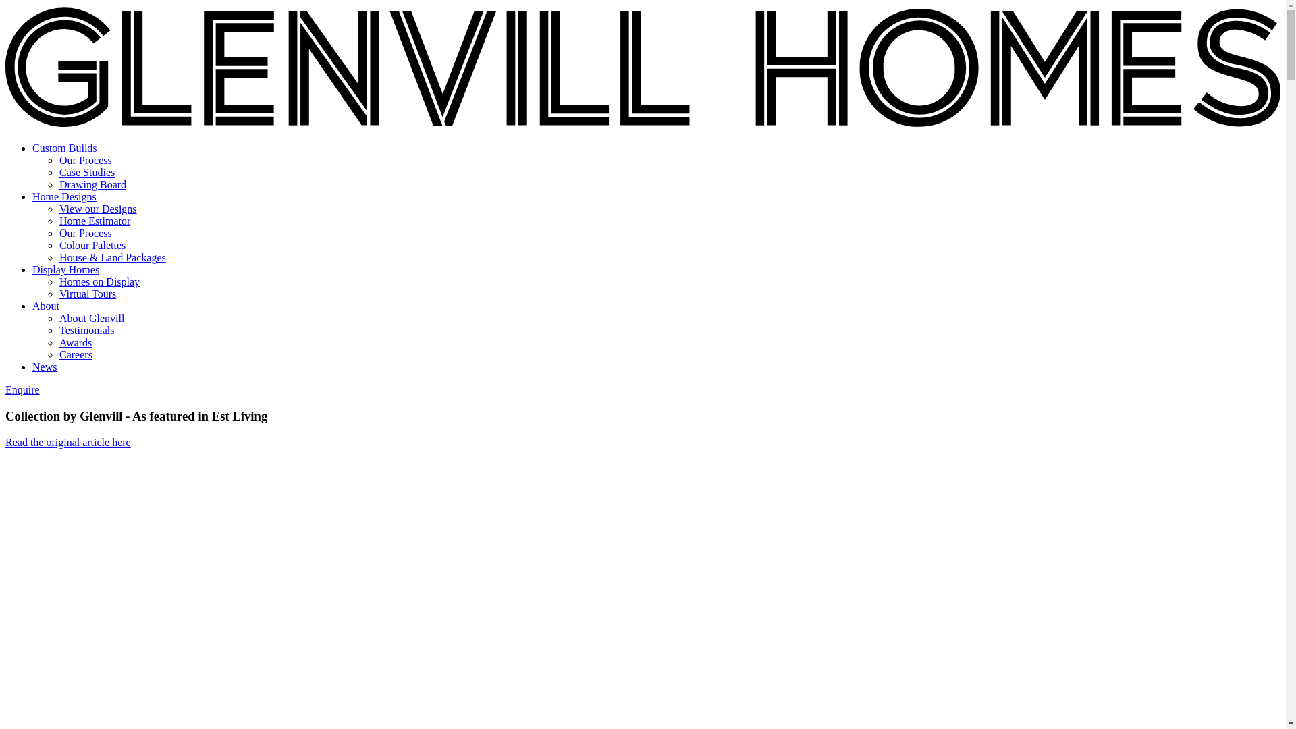 The width and height of the screenshot is (1296, 729). What do you see at coordinates (92, 245) in the screenshot?
I see `'Colour Palettes'` at bounding box center [92, 245].